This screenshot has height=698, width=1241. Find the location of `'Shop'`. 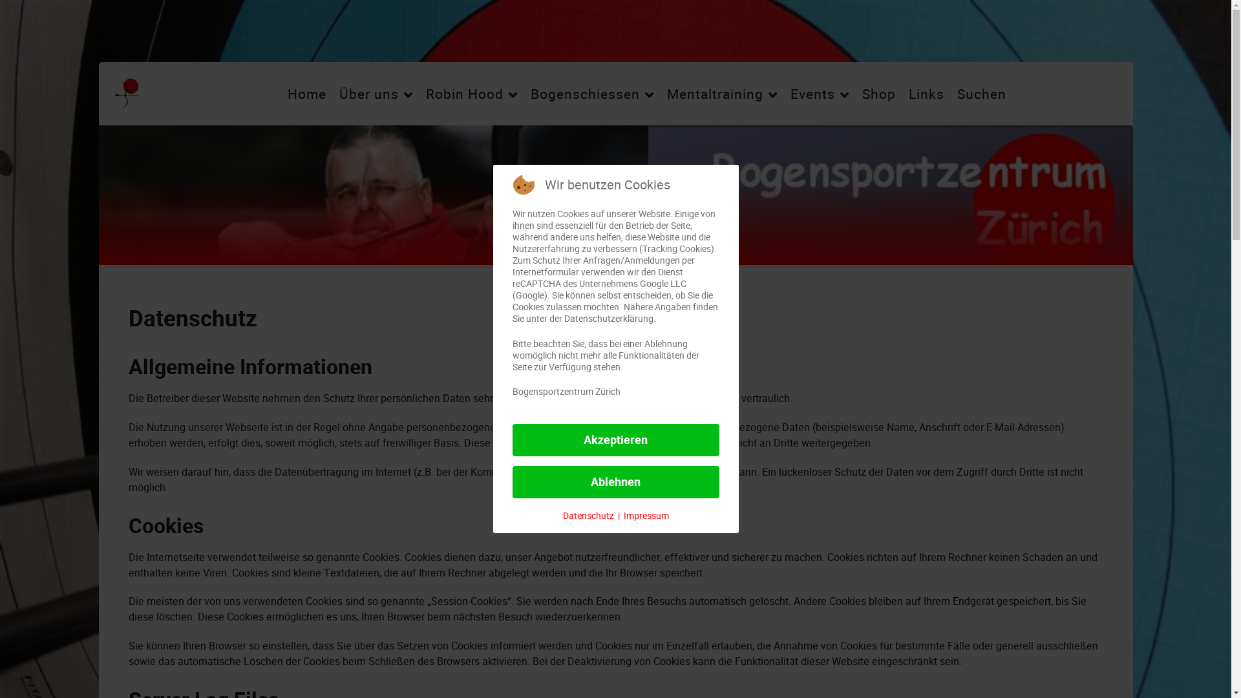

'Shop' is located at coordinates (878, 93).